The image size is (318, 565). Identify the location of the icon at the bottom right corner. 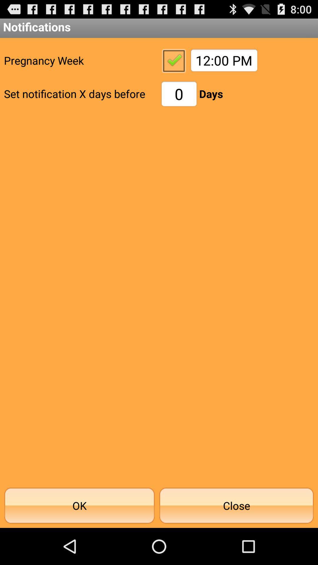
(236, 505).